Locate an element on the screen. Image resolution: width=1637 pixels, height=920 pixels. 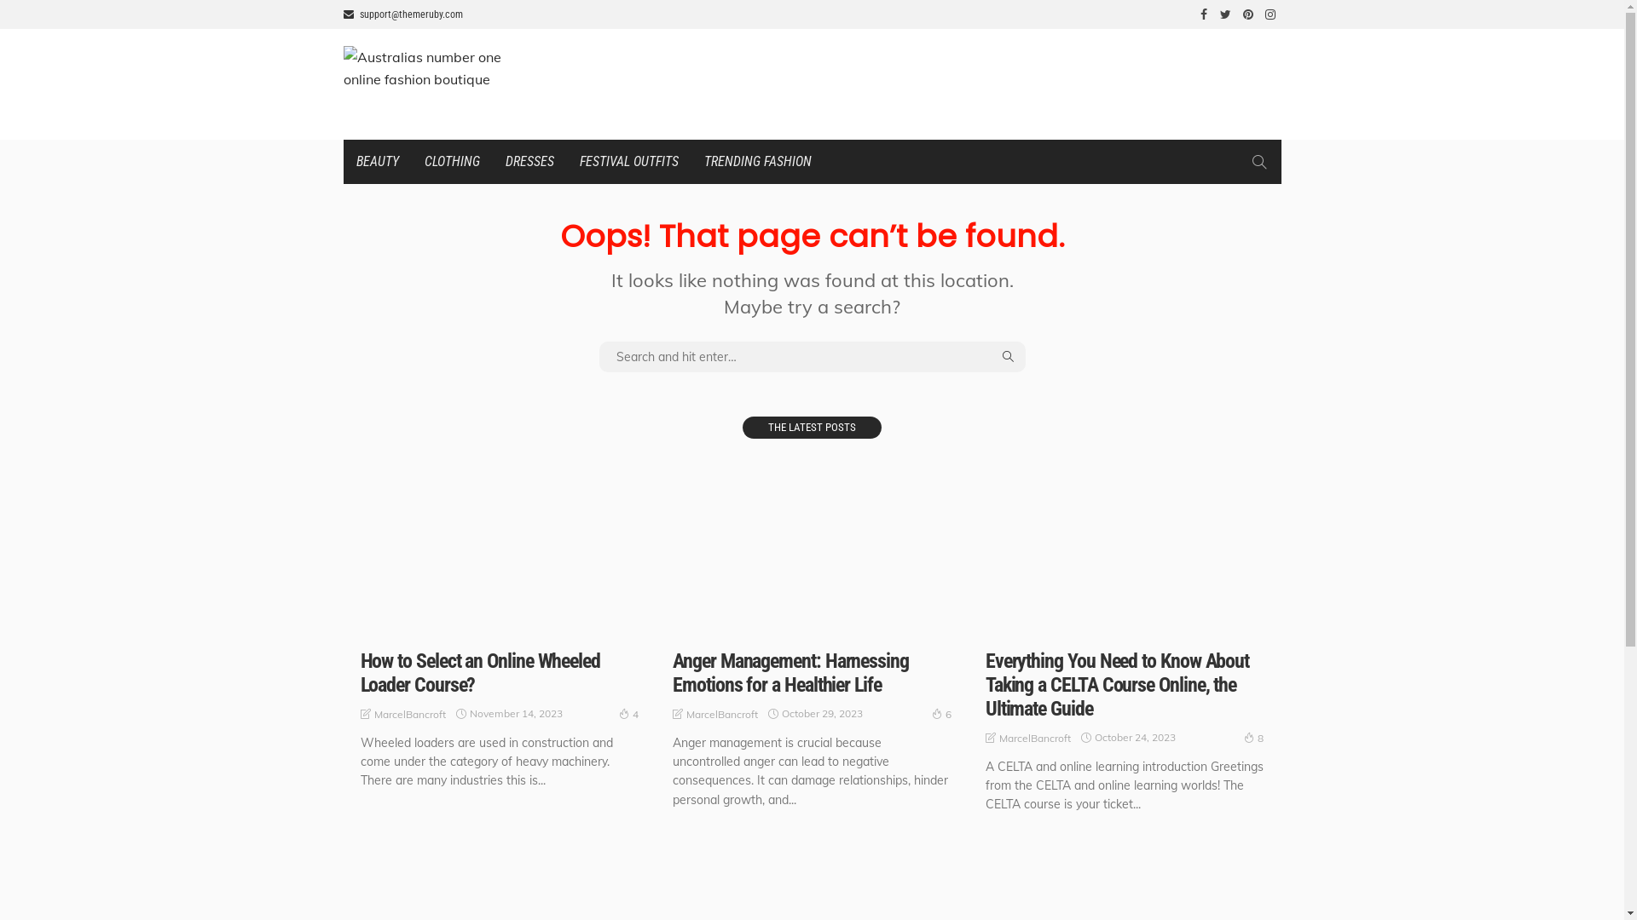
'pinterest' is located at coordinates (1247, 14).